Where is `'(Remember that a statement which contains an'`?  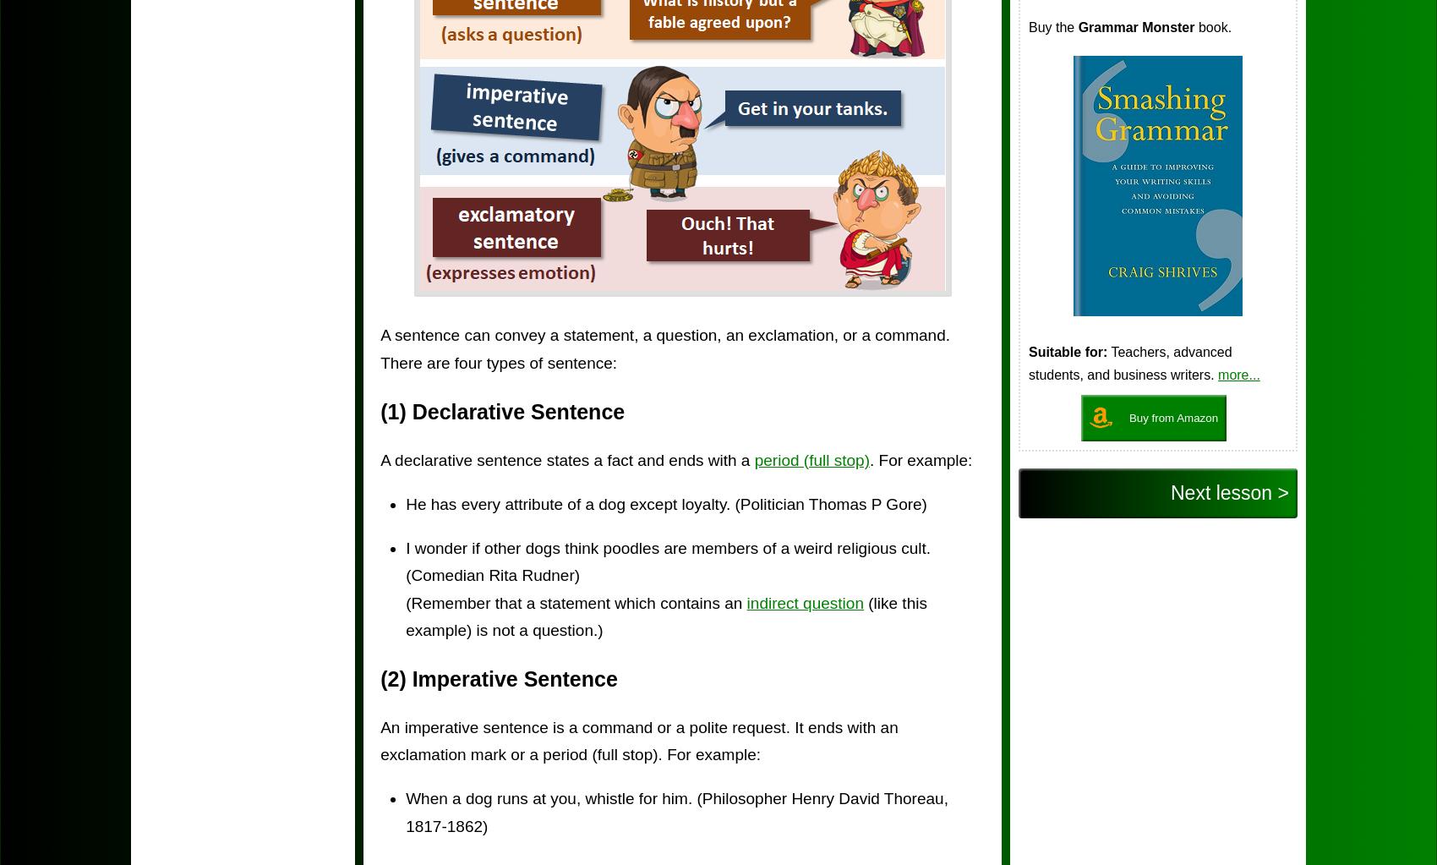
'(Remember that a statement which contains an' is located at coordinates (576, 602).